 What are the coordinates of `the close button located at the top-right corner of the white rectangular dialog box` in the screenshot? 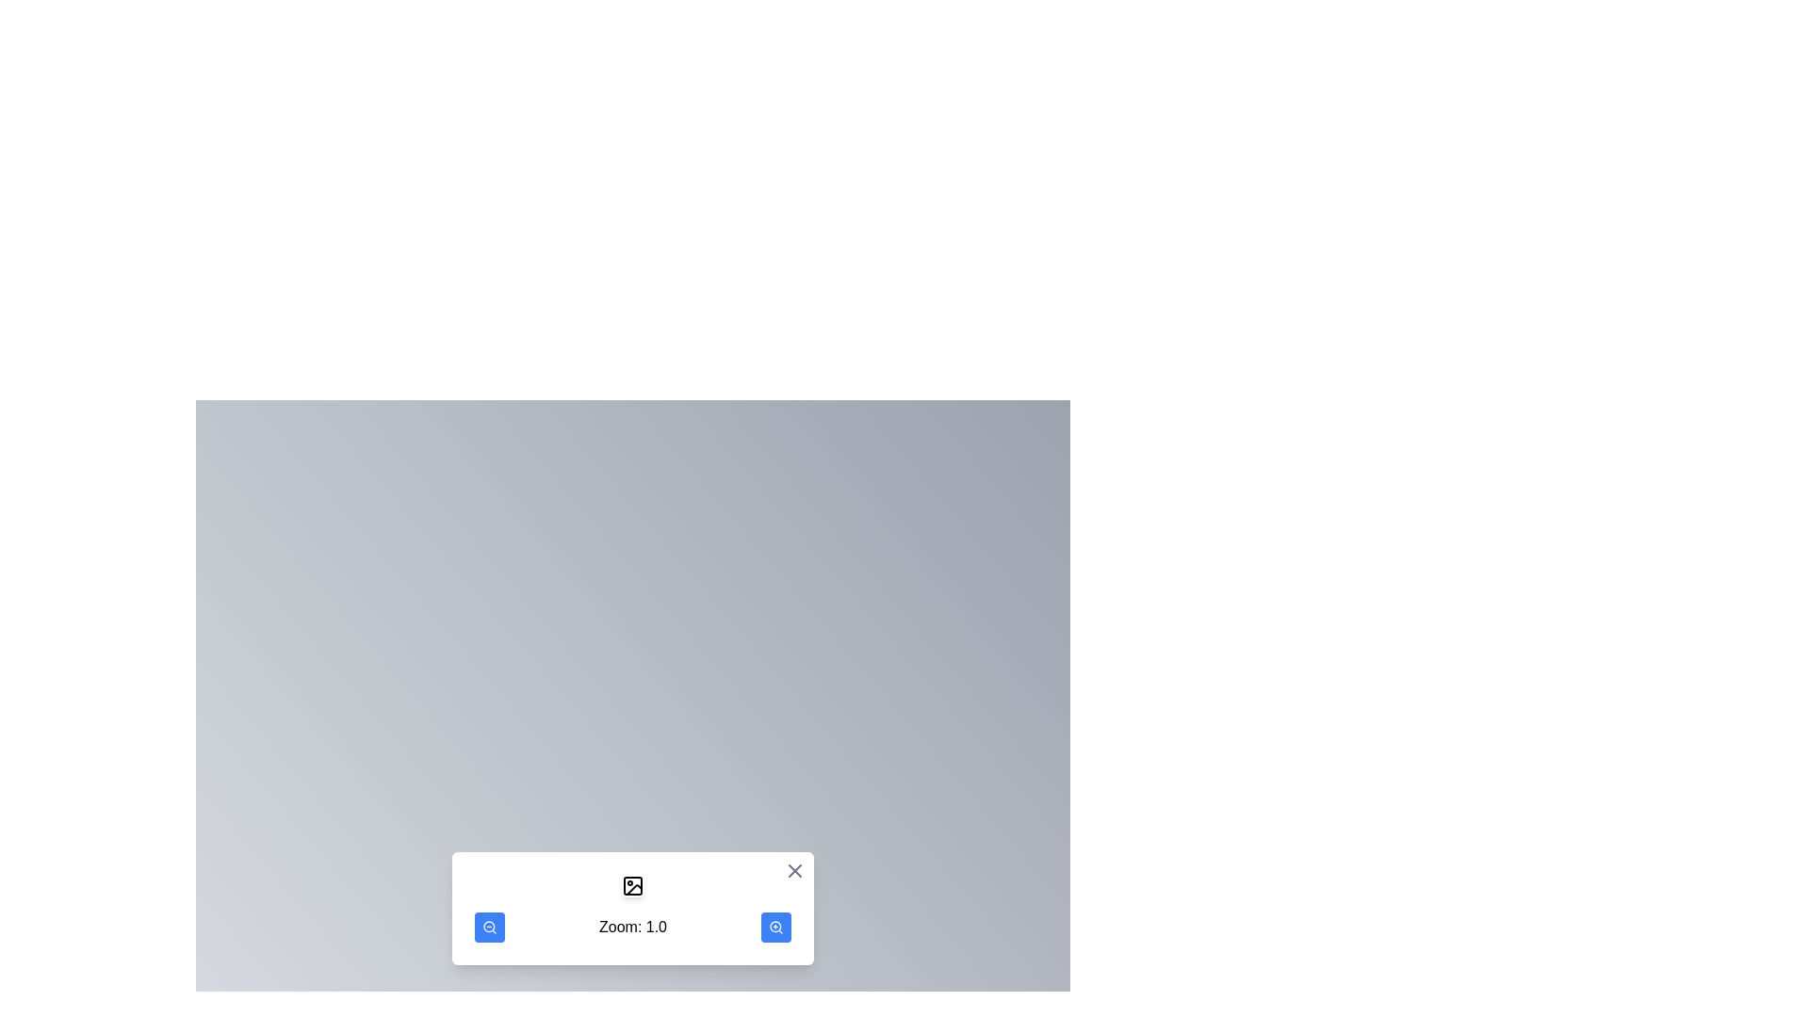 It's located at (795, 871).